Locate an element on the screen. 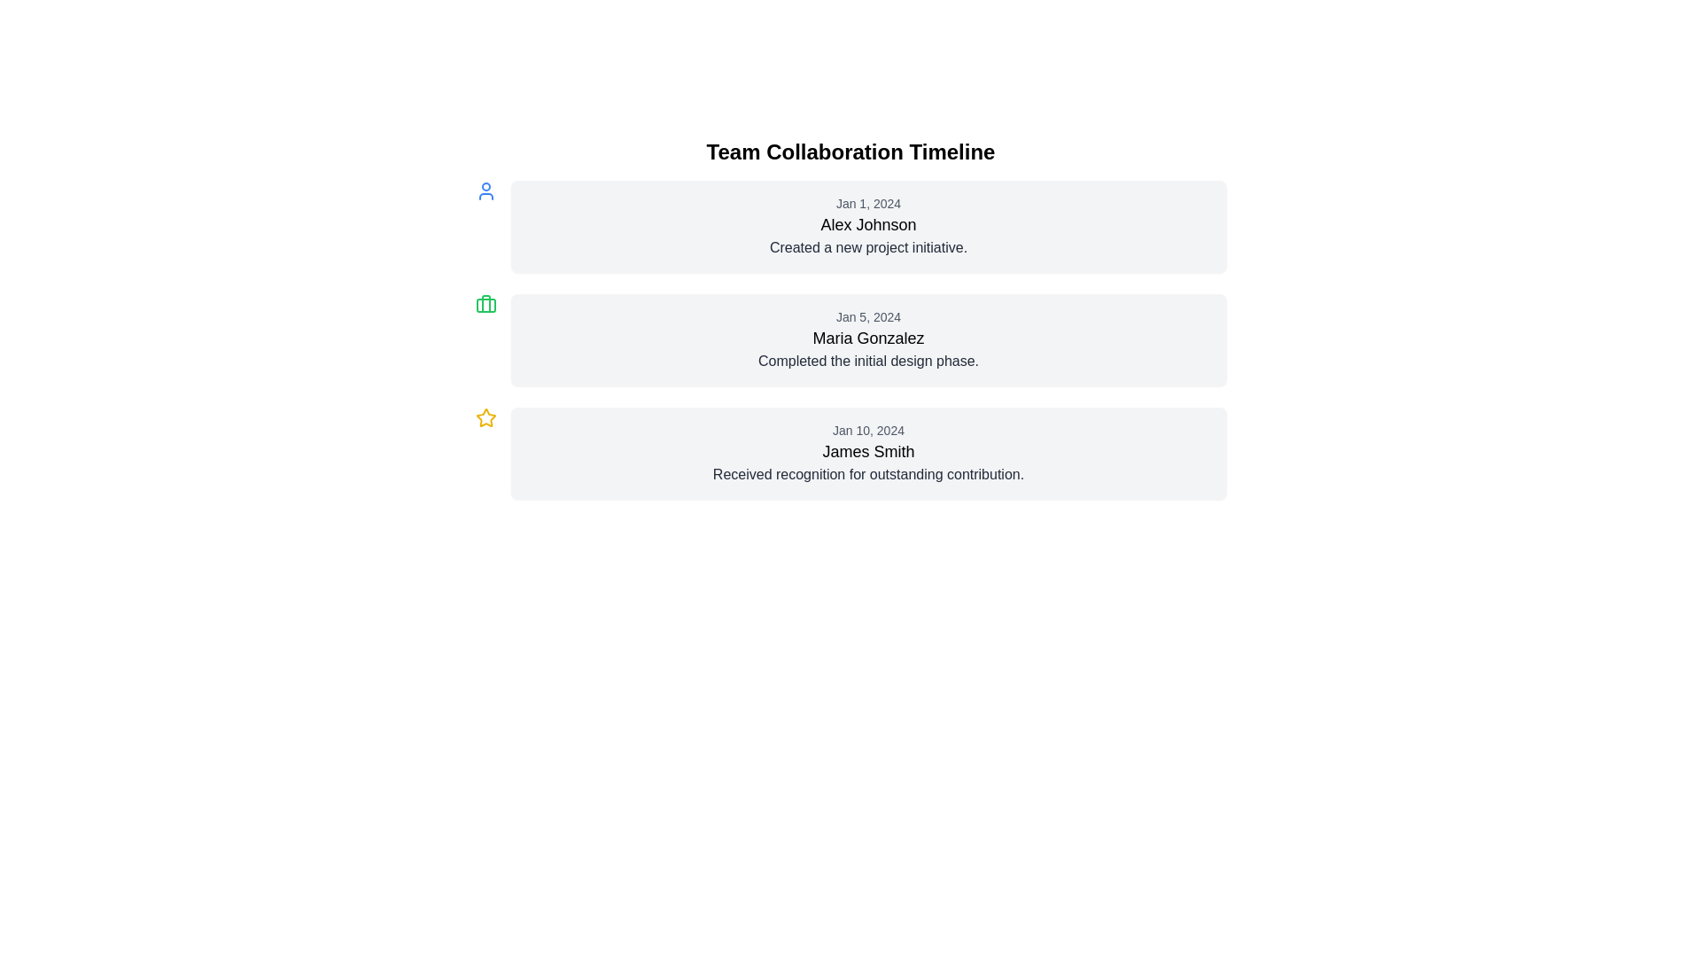 This screenshot has height=957, width=1701. the first notification card in the Team Collaboration Timeline, which displays the username 'Alex Johnson' and includes activity text 'Created a new project initiative.' is located at coordinates (850, 225).